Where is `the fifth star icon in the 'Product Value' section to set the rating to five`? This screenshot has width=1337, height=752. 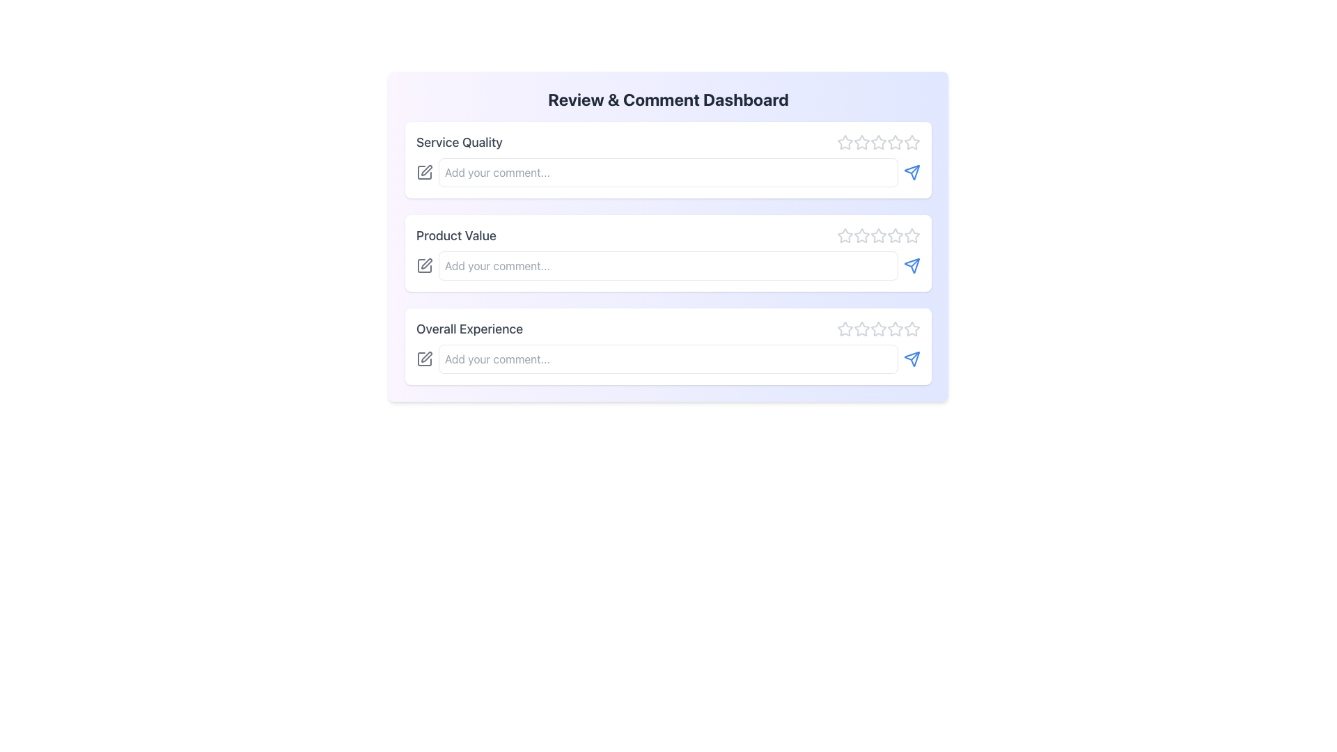
the fifth star icon in the 'Product Value' section to set the rating to five is located at coordinates (912, 235).